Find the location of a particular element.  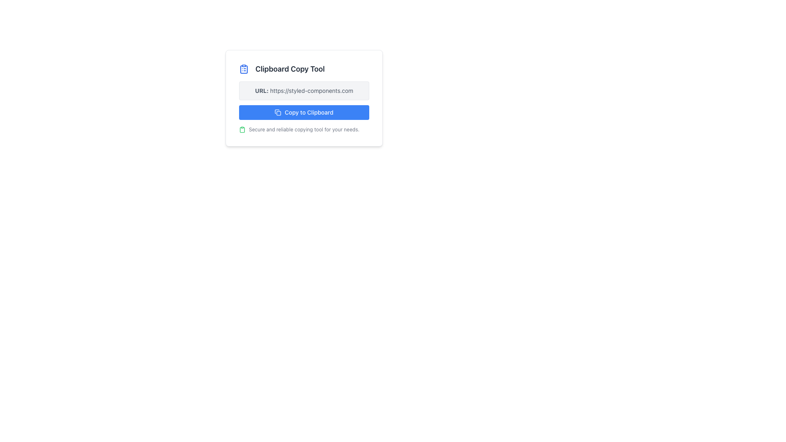

the Text Label with Icon that reads 'Secure and reliable copying tool for your needs.' which is located below the 'Copy to Clipboard' button, horizontally centered and aligned with other elements is located at coordinates (304, 129).